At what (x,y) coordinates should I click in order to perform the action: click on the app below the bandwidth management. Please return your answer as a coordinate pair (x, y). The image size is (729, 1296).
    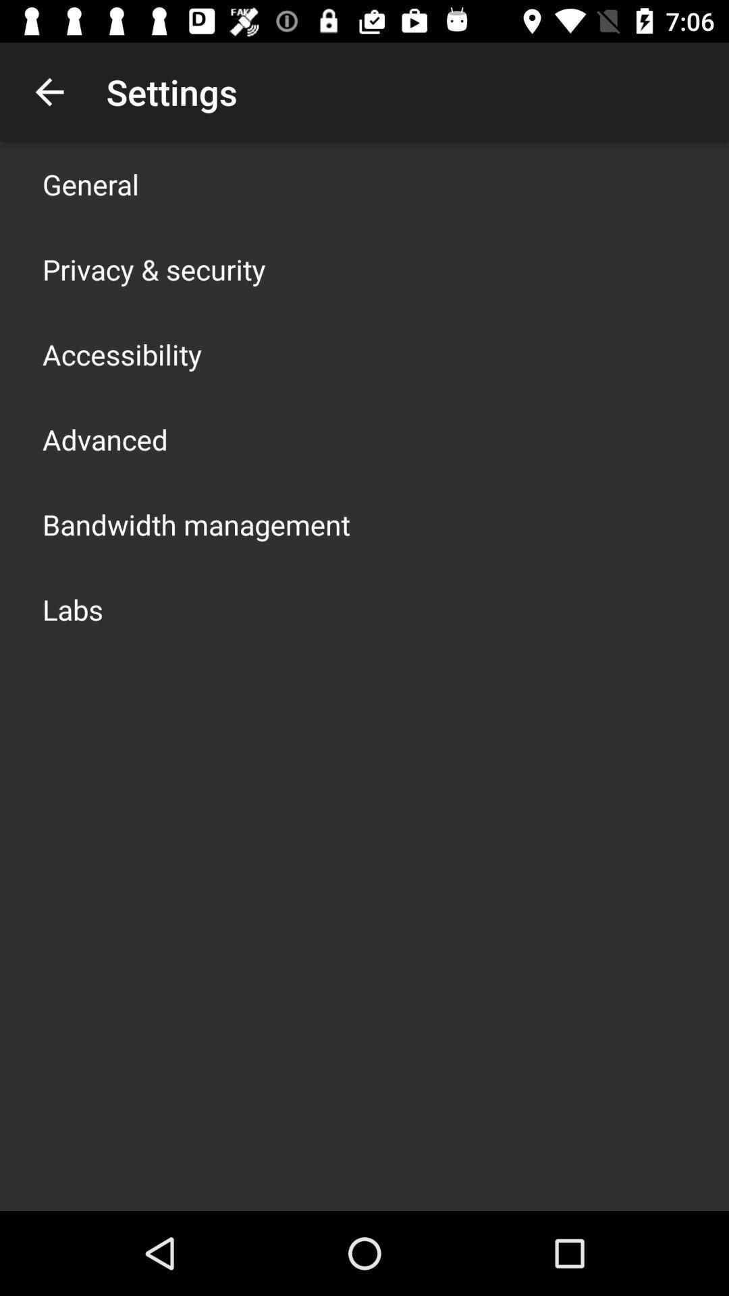
    Looking at the image, I should click on (73, 608).